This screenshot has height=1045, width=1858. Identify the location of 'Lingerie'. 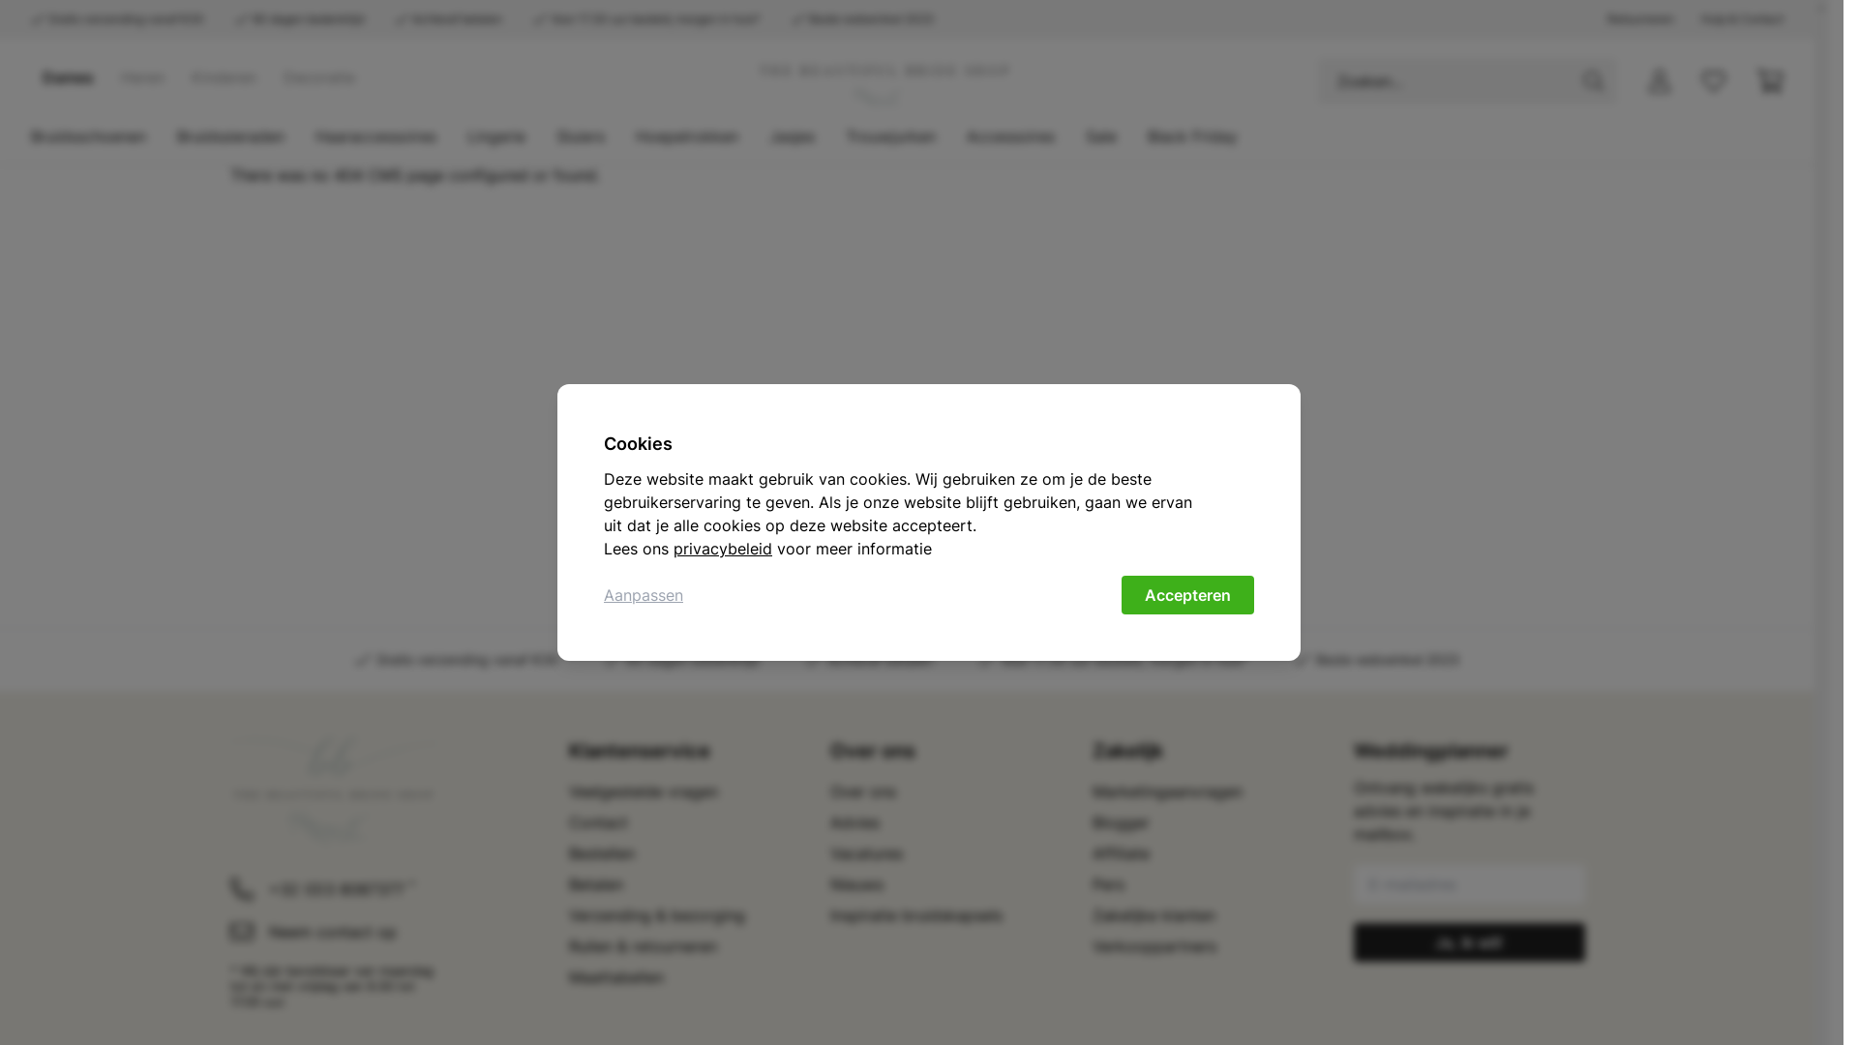
(496, 135).